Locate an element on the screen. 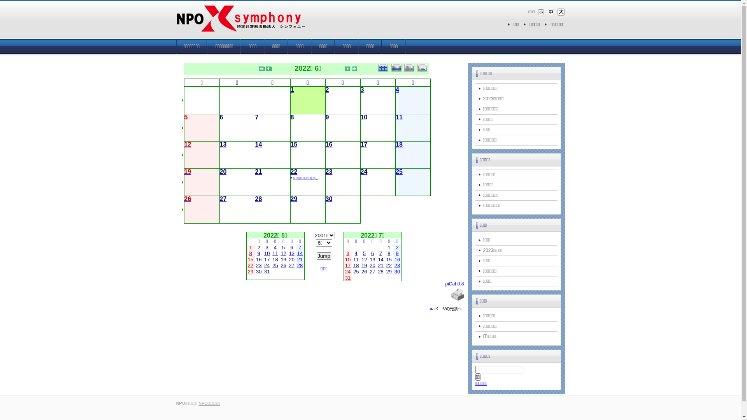  '2' is located at coordinates (327, 89).